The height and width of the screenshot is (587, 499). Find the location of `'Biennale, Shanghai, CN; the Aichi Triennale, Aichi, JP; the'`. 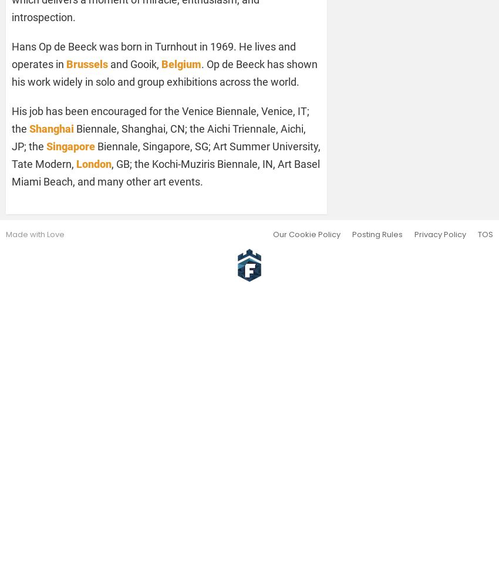

'Biennale, Shanghai, CN; the Aichi Triennale, Aichi, JP; the' is located at coordinates (11, 136).